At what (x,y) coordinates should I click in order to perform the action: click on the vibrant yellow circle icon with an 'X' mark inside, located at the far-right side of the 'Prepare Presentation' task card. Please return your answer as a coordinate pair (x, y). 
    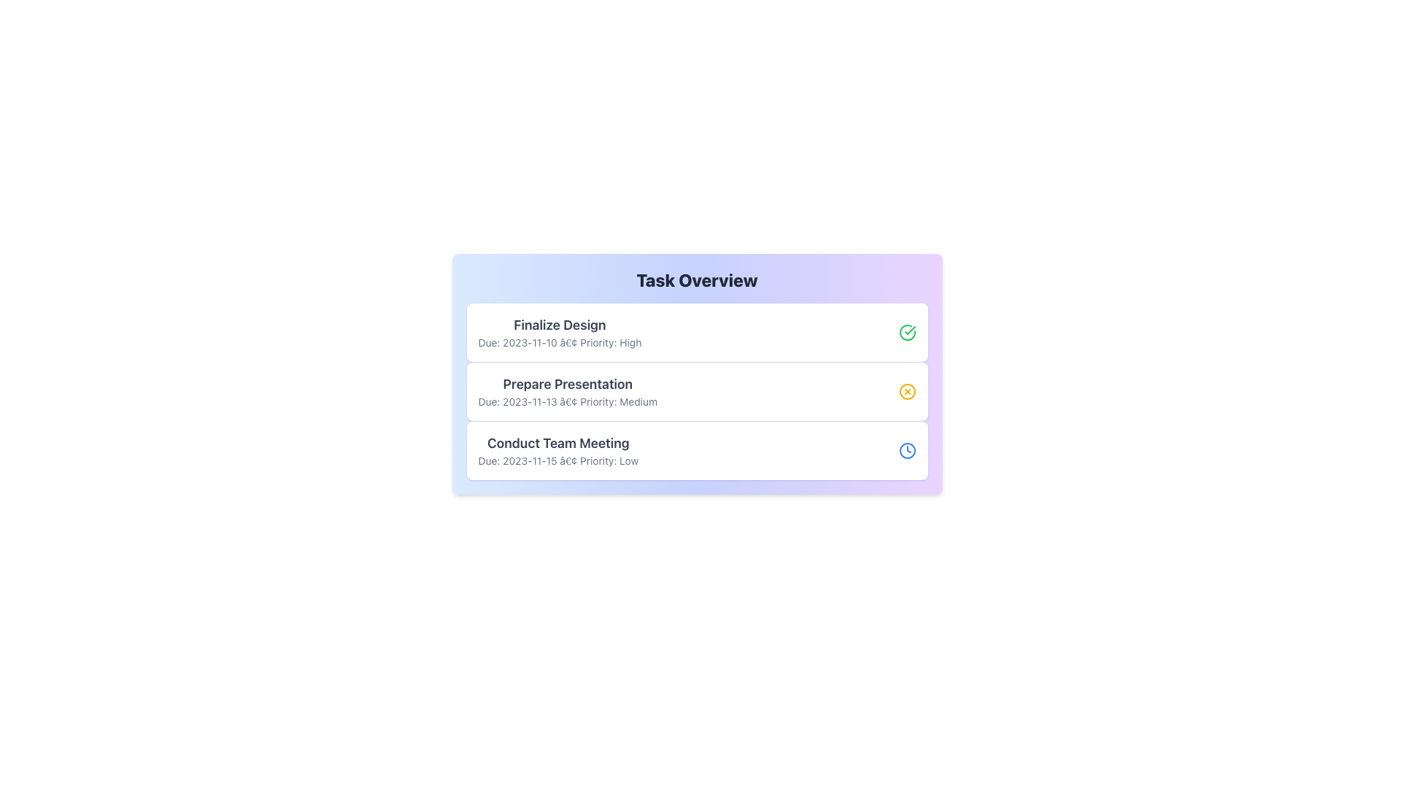
    Looking at the image, I should click on (906, 390).